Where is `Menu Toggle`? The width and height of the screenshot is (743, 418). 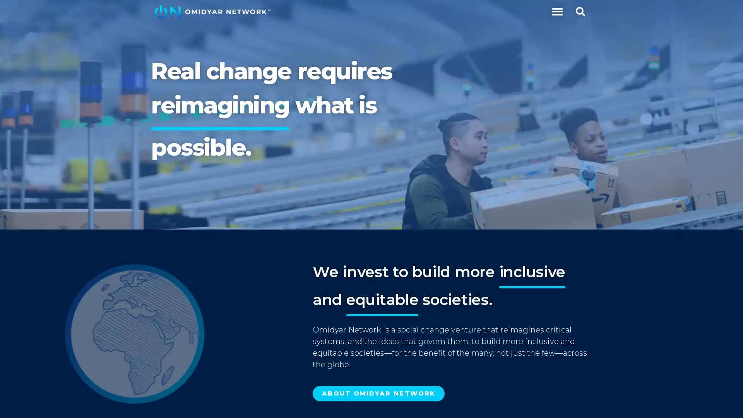
Menu Toggle is located at coordinates (556, 12).